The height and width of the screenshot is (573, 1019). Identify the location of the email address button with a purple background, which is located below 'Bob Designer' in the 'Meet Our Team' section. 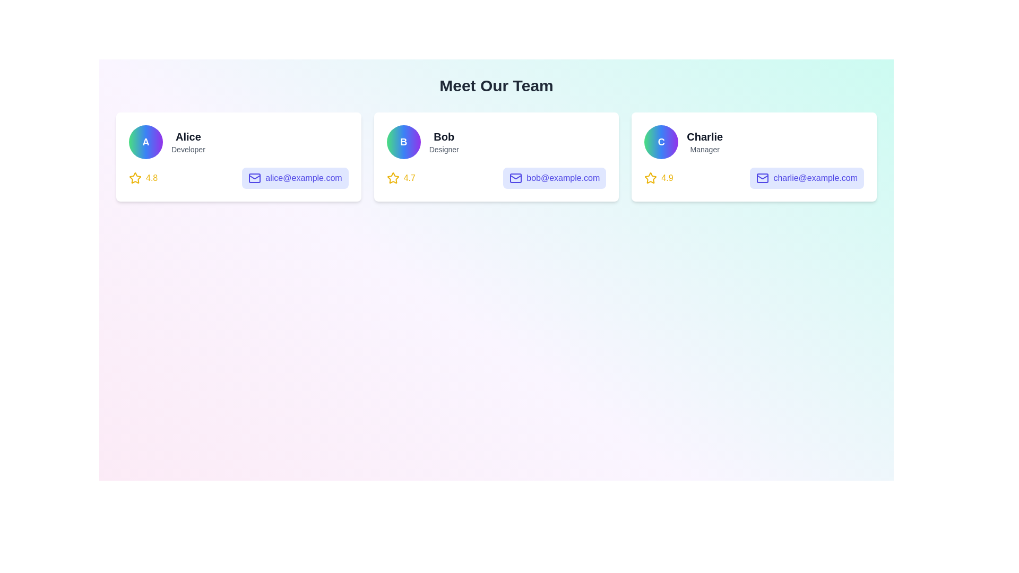
(554, 177).